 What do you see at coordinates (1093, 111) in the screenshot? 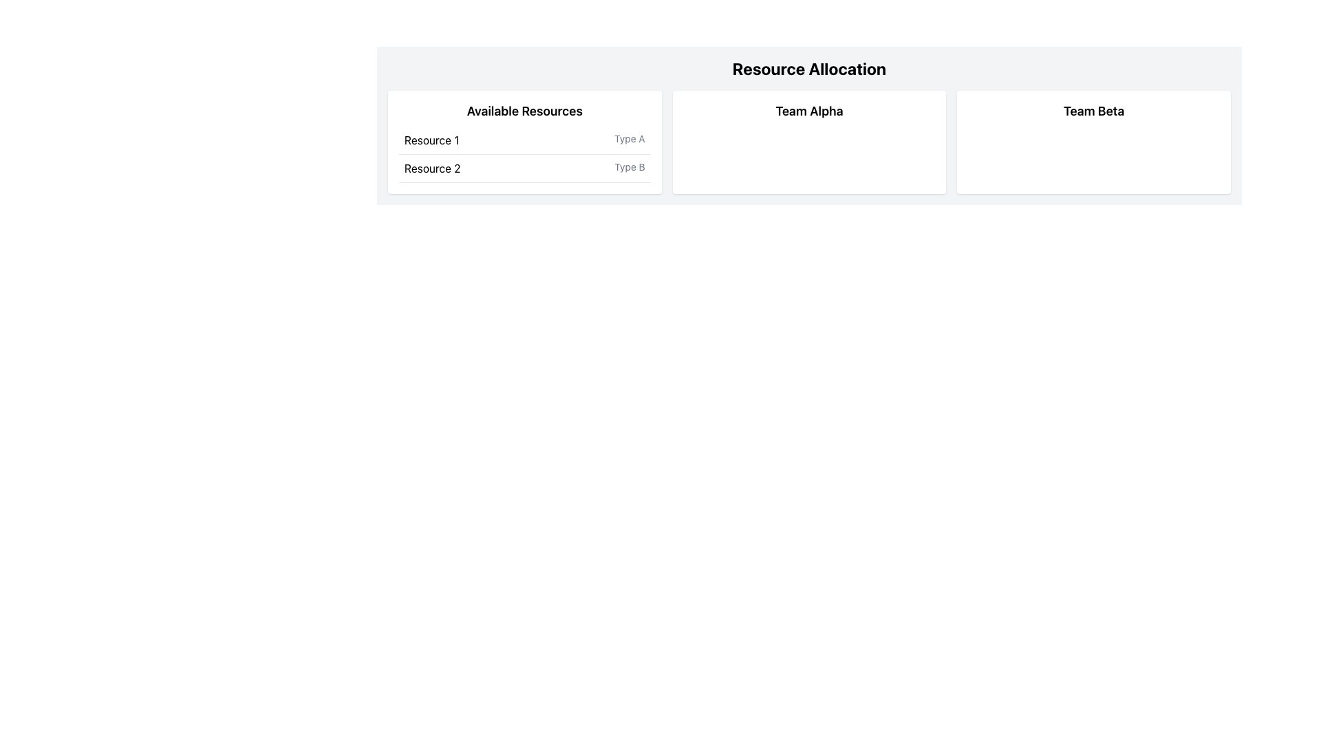
I see `text label for 'Team Beta' which serves as an identifying title for the associated card in the rightmost segment of the layout under 'Resource Allocation'` at bounding box center [1093, 111].